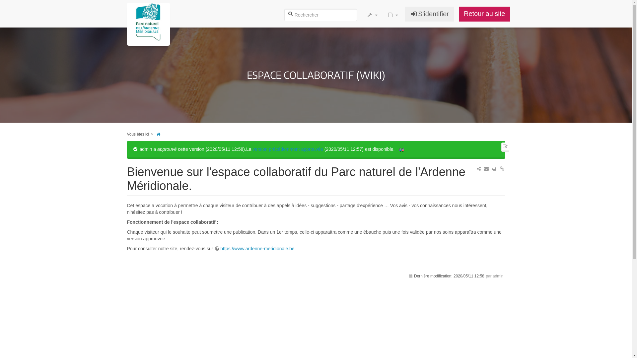 The height and width of the screenshot is (358, 637). Describe the element at coordinates (484, 14) in the screenshot. I see `'Retour au site'` at that location.